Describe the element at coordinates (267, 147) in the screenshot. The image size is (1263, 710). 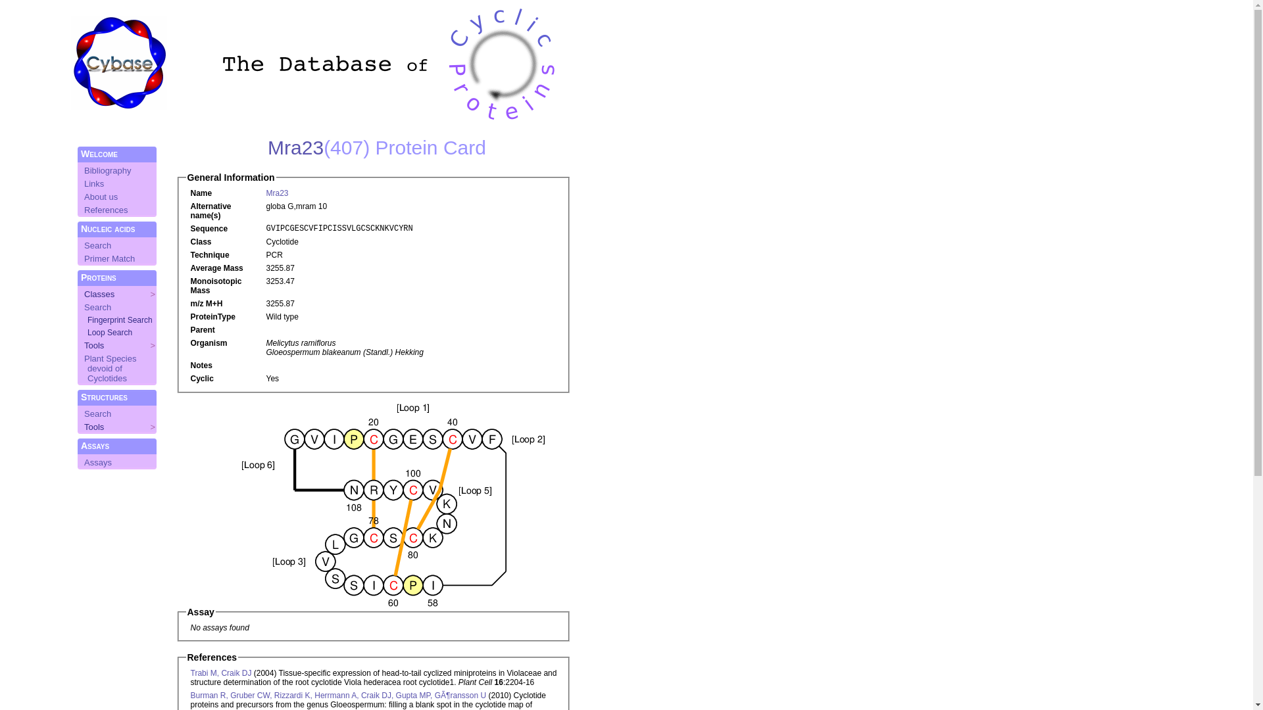
I see `'Mra23'` at that location.